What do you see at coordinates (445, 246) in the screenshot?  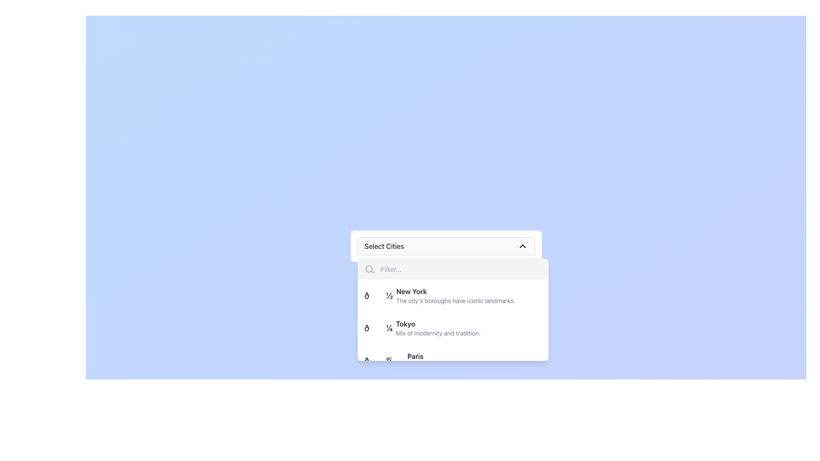 I see `the 'Select Cities' dropdown trigger button` at bounding box center [445, 246].